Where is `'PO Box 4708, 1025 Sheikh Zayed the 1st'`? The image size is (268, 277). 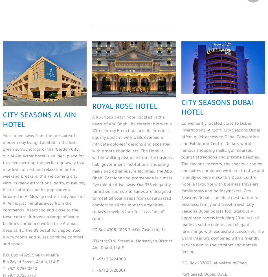
'PO Box 4708, 1025 Sheikh Zayed the 1st' is located at coordinates (92, 230).